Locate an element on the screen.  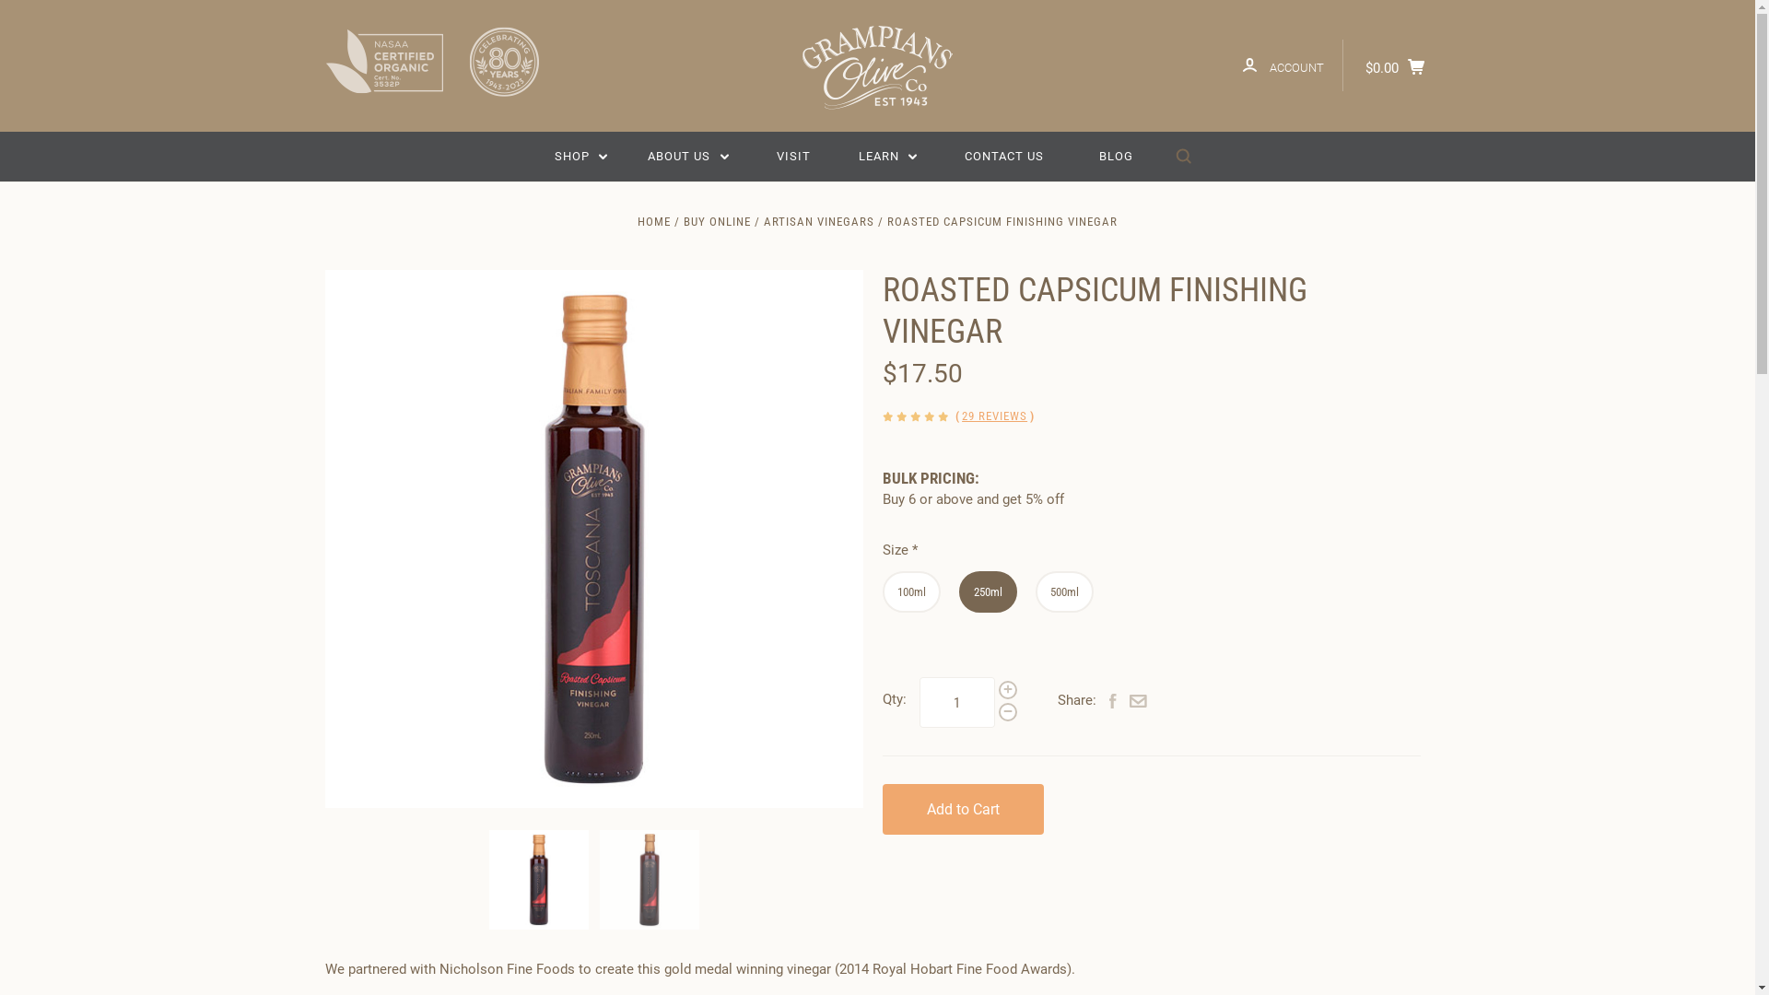
'HOME' is located at coordinates (654, 220).